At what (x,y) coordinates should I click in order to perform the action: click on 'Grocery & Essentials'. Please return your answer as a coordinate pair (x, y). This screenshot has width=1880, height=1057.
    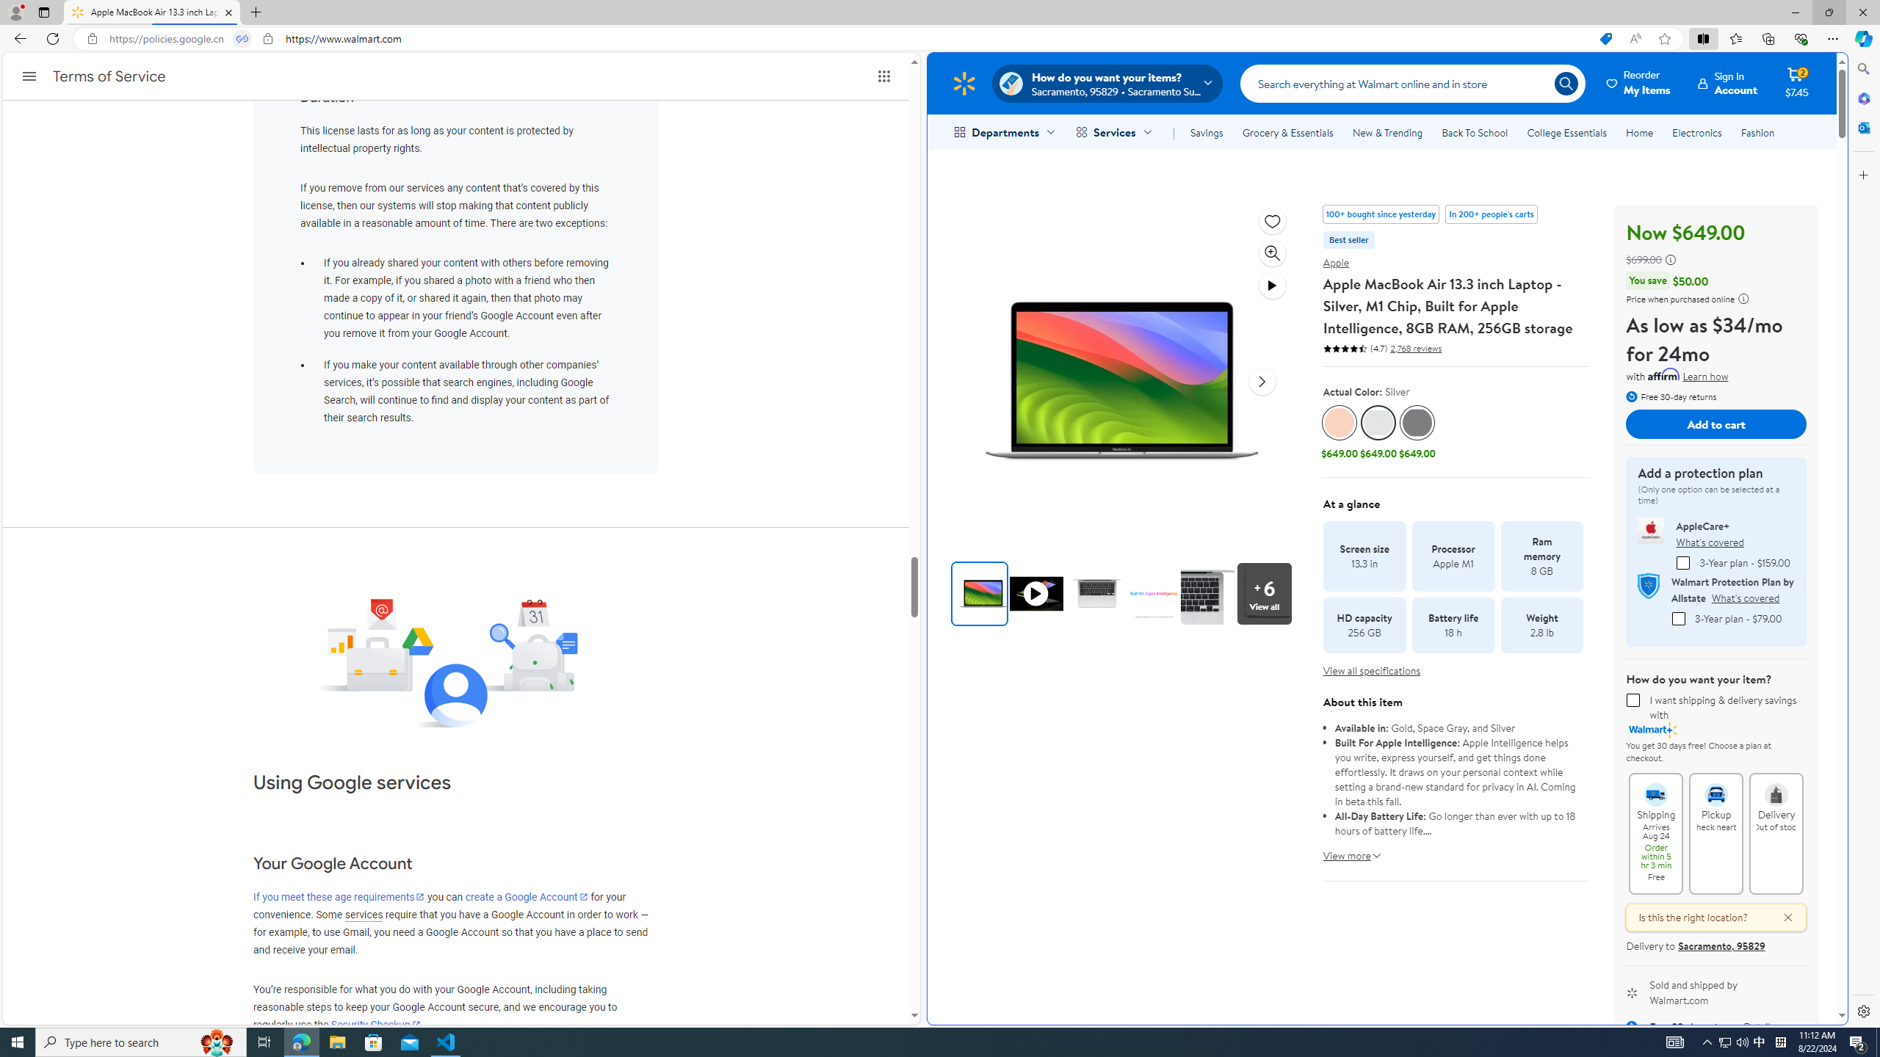
    Looking at the image, I should click on (1287, 132).